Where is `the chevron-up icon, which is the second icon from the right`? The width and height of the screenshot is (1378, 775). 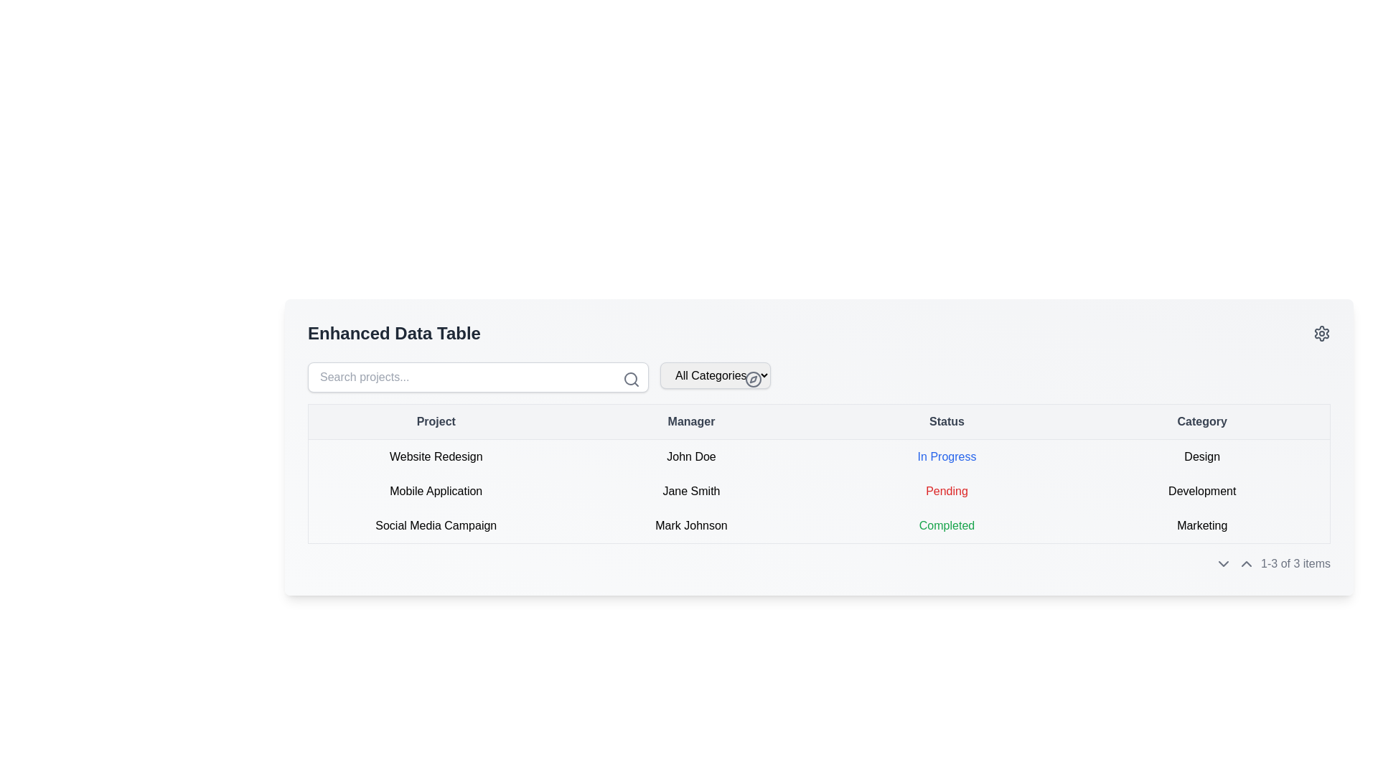
the chevron-up icon, which is the second icon from the right is located at coordinates (1246, 563).